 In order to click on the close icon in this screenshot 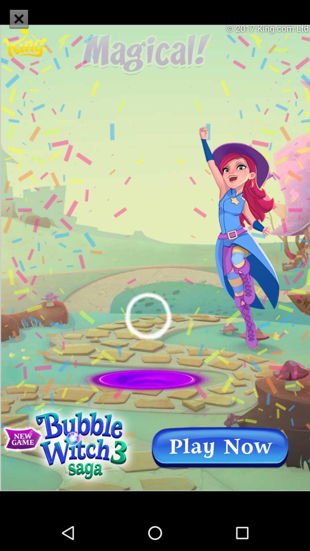, I will do `click(18, 20)`.